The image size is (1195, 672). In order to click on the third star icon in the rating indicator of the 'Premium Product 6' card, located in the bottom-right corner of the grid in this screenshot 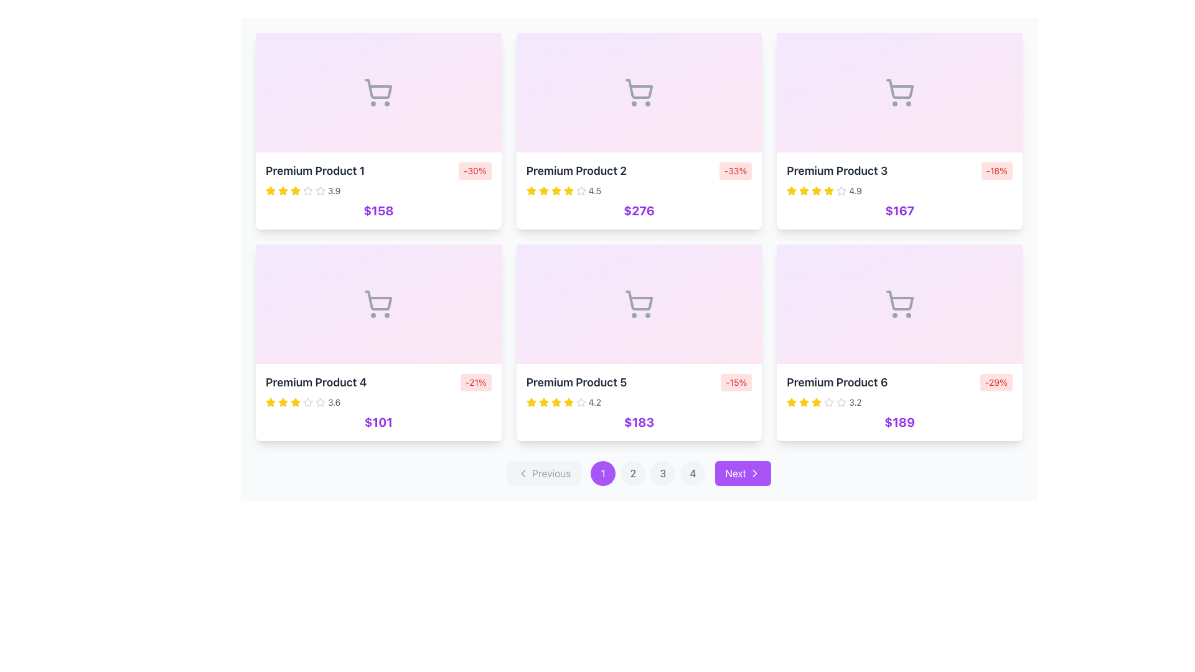, I will do `click(841, 402)`.